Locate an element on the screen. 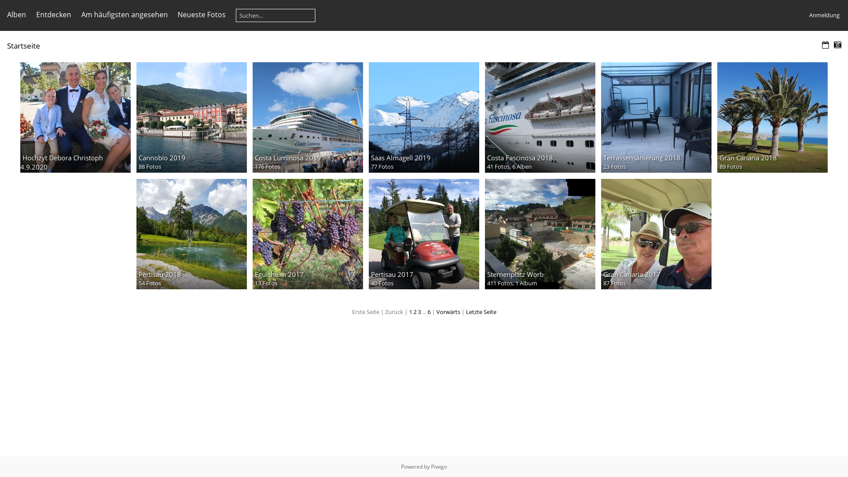  '2' is located at coordinates (414, 311).